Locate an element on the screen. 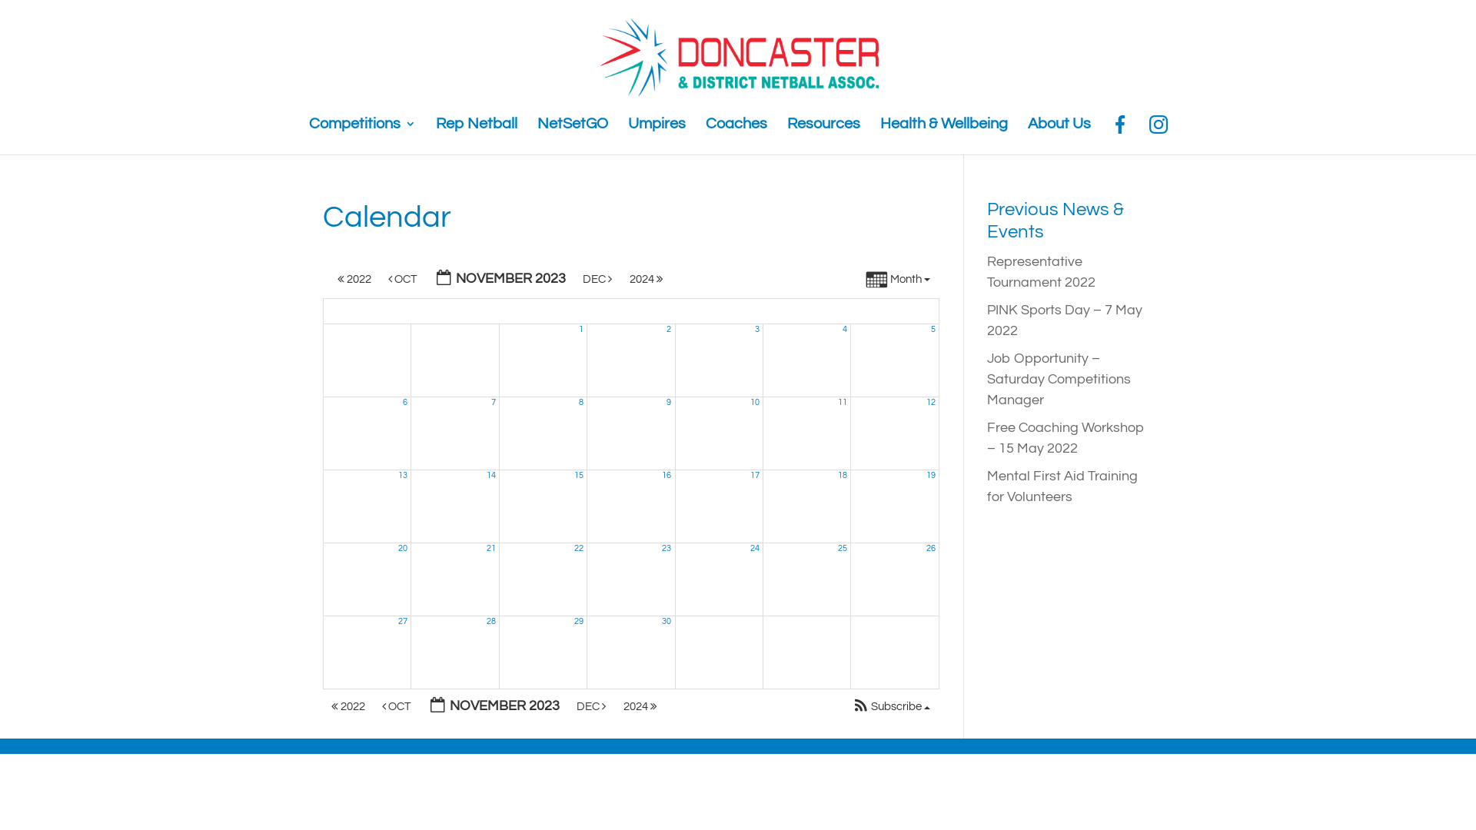 This screenshot has width=1476, height=830. 'Health & Wellbeing' is located at coordinates (942, 133).